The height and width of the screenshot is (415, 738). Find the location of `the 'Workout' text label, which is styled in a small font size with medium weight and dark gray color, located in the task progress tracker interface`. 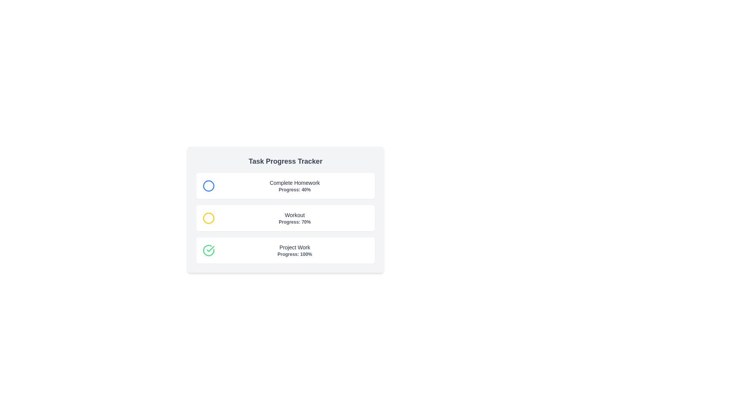

the 'Workout' text label, which is styled in a small font size with medium weight and dark gray color, located in the task progress tracker interface is located at coordinates (294, 215).